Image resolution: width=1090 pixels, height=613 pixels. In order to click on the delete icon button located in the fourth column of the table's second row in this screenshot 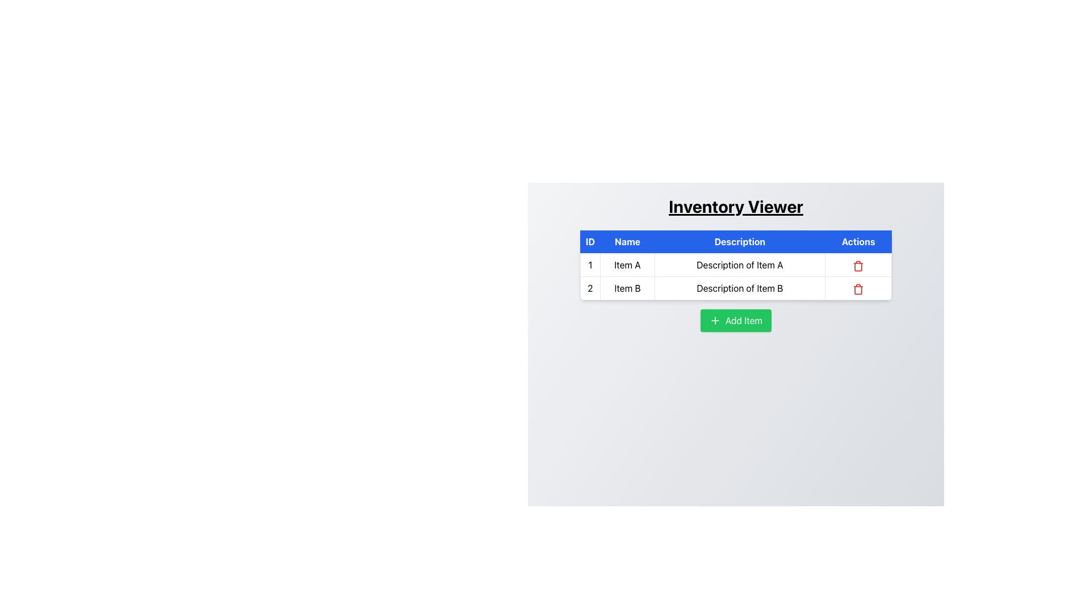, I will do `click(858, 288)`.